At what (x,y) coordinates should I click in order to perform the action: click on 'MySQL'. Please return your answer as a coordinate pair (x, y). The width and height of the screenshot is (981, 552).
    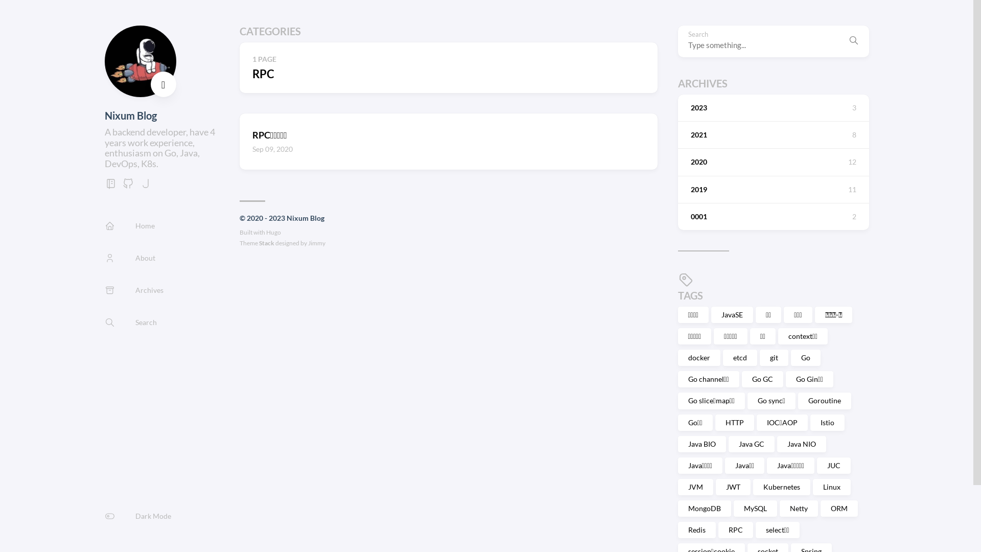
    Looking at the image, I should click on (733, 509).